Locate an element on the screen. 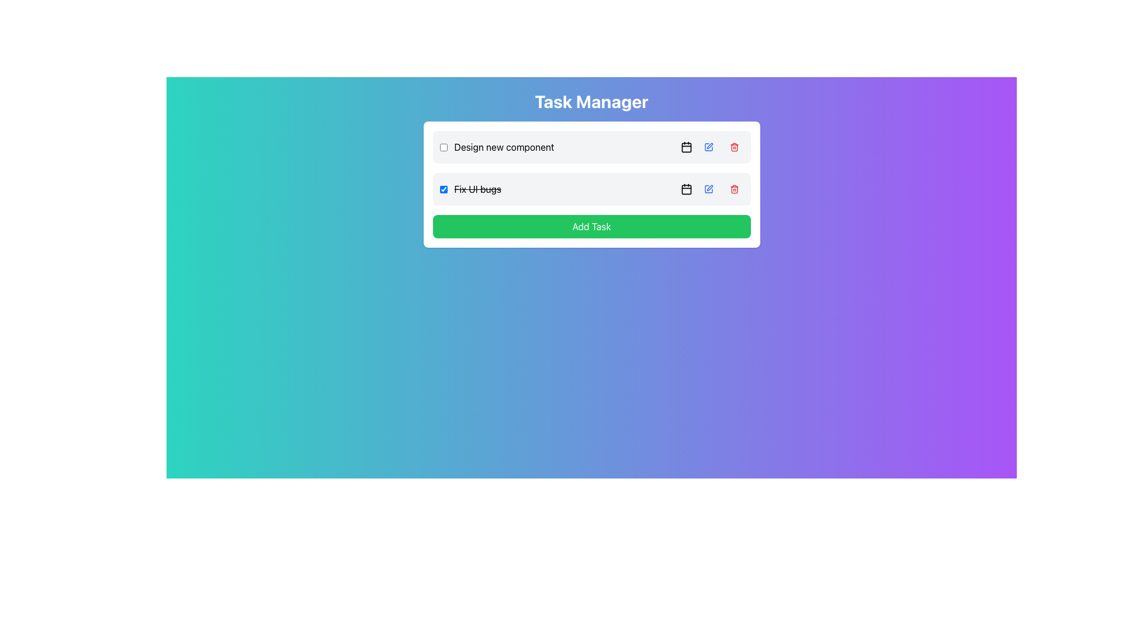 The height and width of the screenshot is (631, 1122). the static text element displaying 'Task Manager' at the top section of the main content area, which features white bold text on a vibrant gradient background is located at coordinates (591, 100).